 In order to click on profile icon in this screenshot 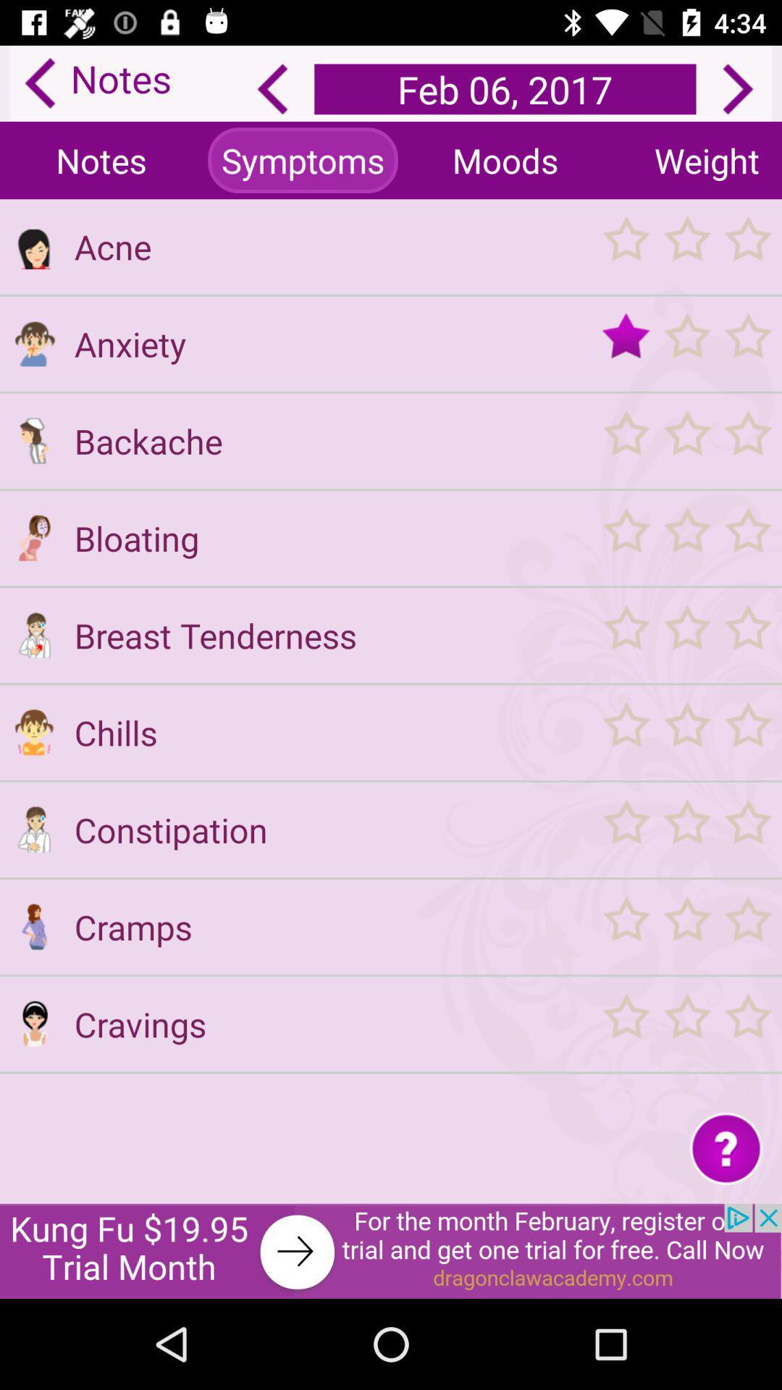, I will do `click(33, 830)`.